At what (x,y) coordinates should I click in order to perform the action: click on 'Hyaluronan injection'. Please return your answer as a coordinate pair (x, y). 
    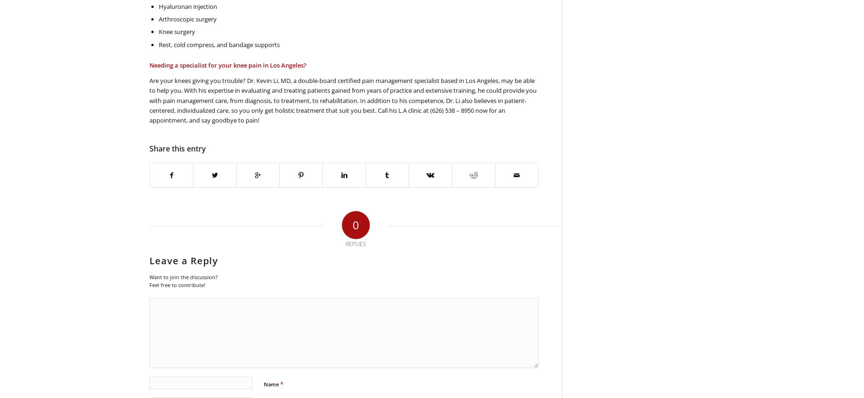
    Looking at the image, I should click on (187, 5).